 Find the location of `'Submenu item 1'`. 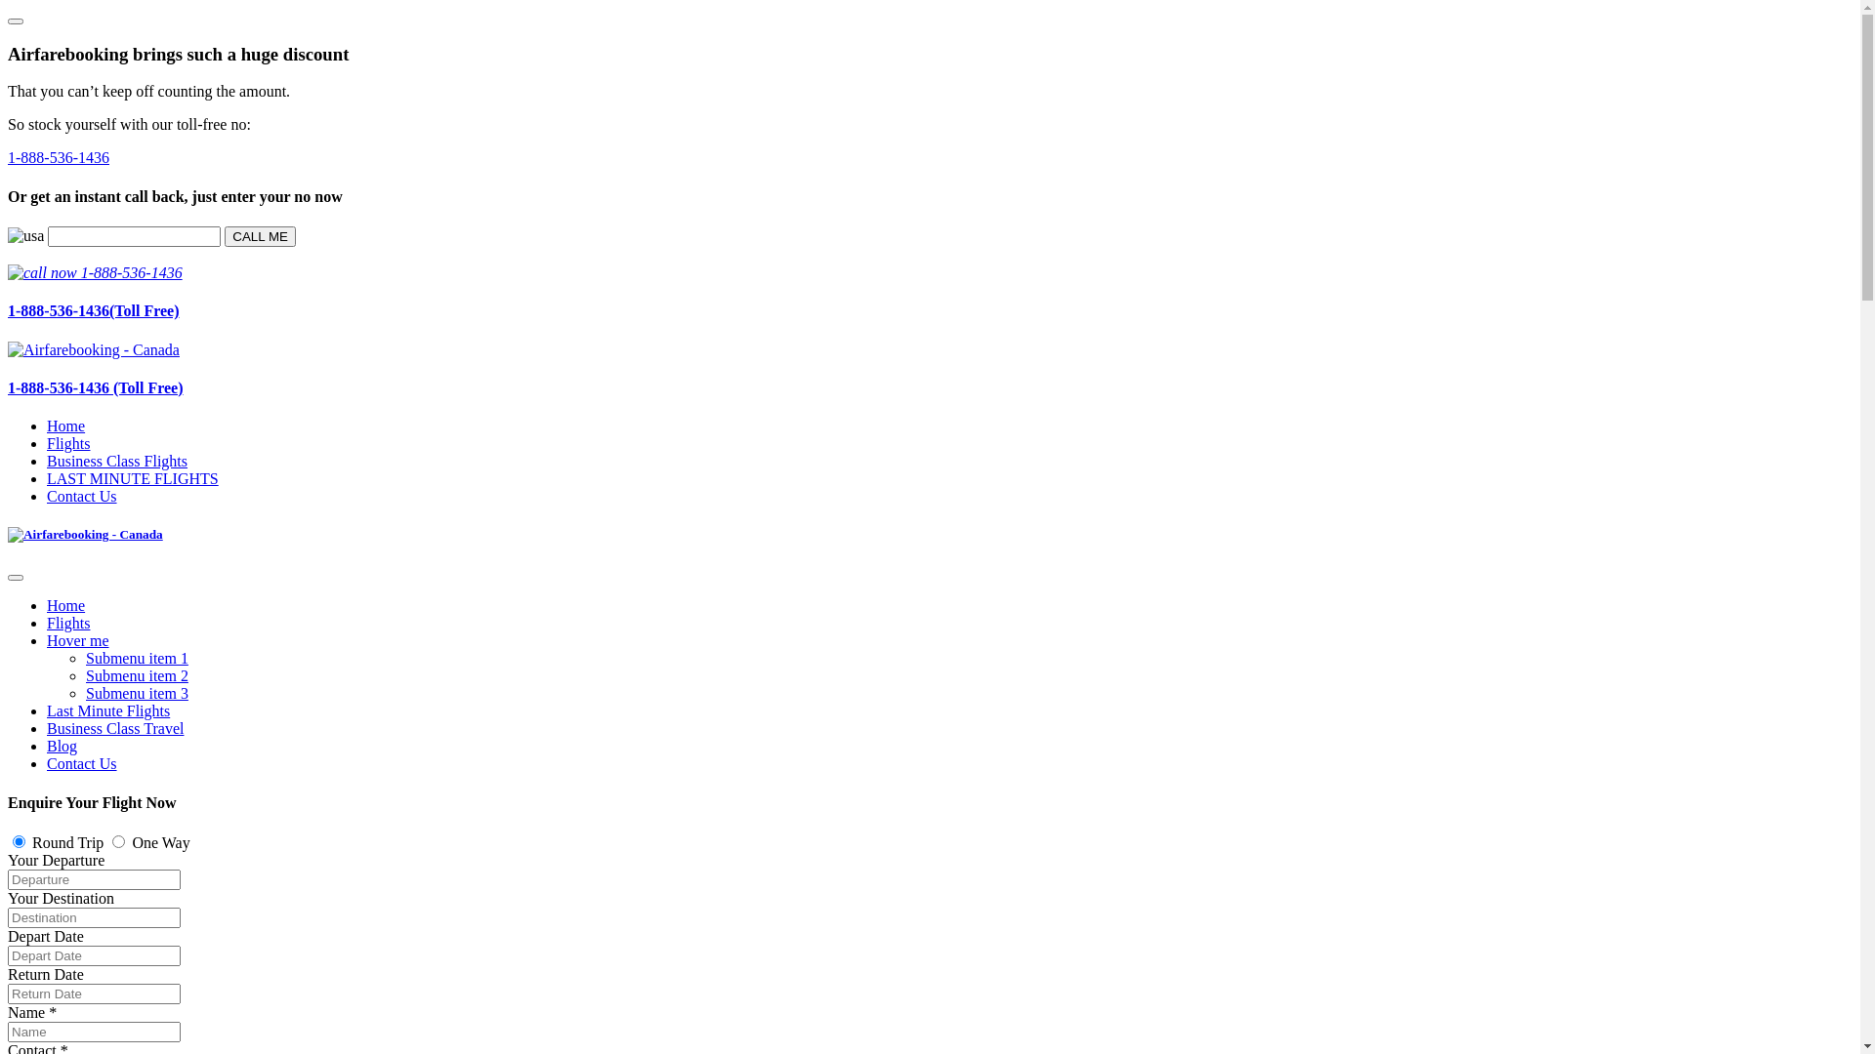

'Submenu item 1' is located at coordinates (136, 658).